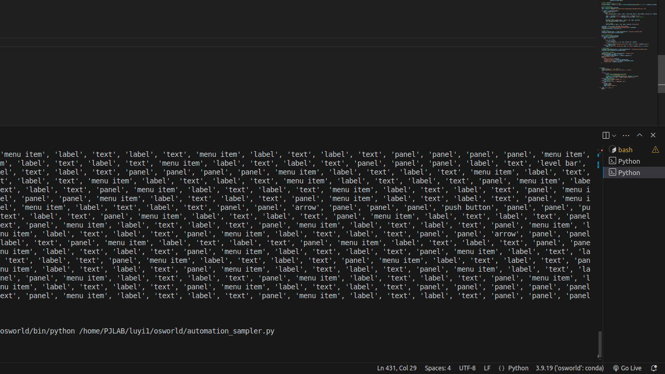  Describe the element at coordinates (437, 367) in the screenshot. I see `'Spaces: 4'` at that location.